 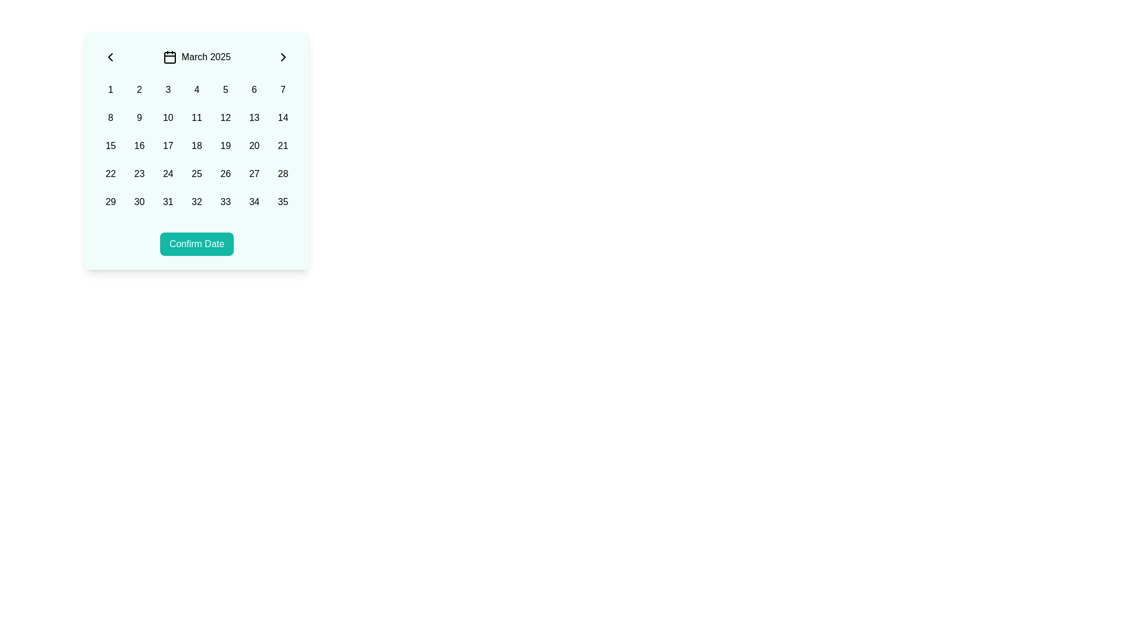 What do you see at coordinates (226, 202) in the screenshot?
I see `the selectable number button in the date picker grid located in the last row, fifth column` at bounding box center [226, 202].